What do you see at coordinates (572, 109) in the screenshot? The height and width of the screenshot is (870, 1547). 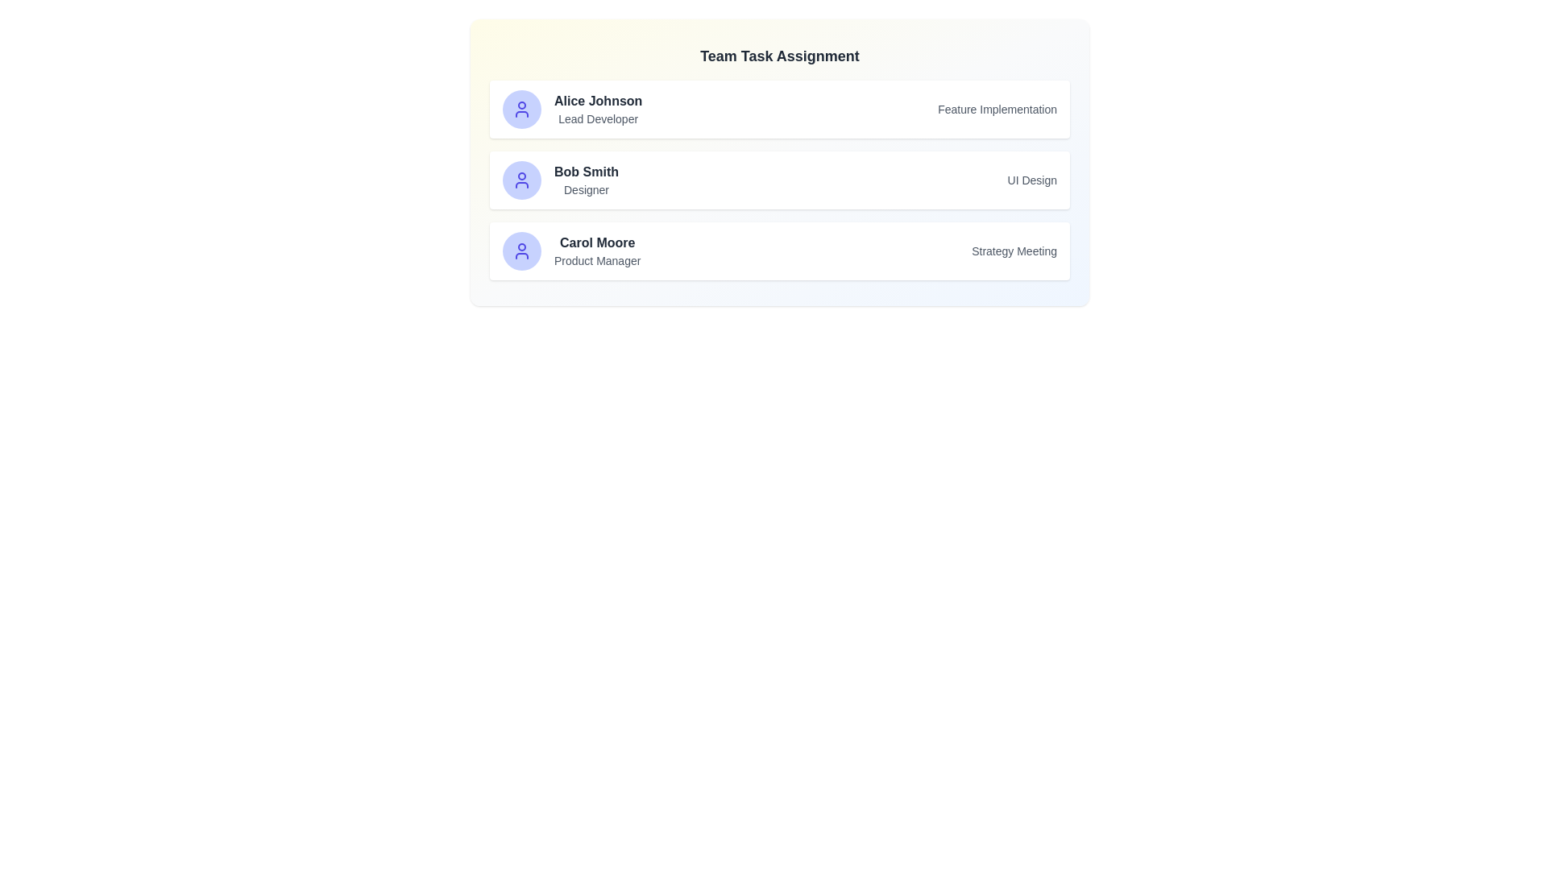 I see `the label displaying the name and job title of the specific person, which is the first item in the list under 'Team Task Assignment.'` at bounding box center [572, 109].